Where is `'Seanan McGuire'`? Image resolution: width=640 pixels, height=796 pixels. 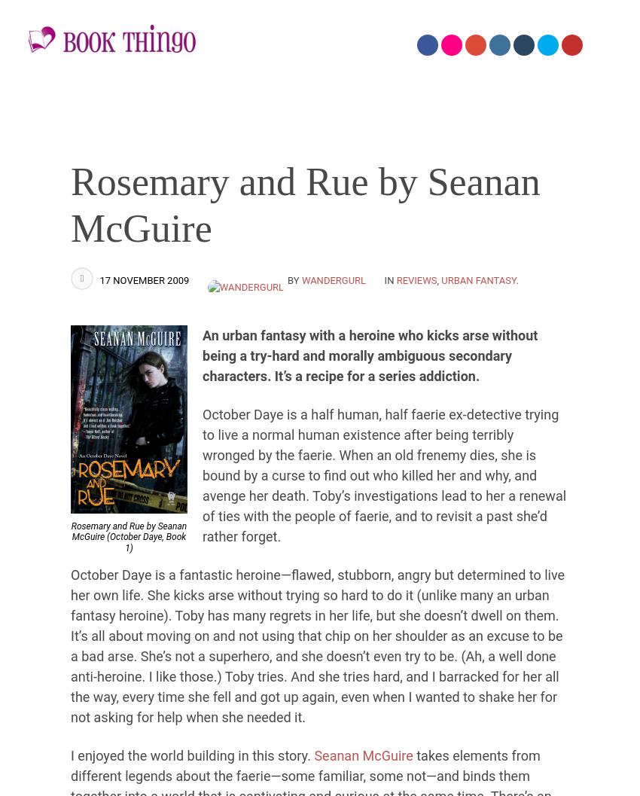
'Seanan McGuire' is located at coordinates (363, 754).